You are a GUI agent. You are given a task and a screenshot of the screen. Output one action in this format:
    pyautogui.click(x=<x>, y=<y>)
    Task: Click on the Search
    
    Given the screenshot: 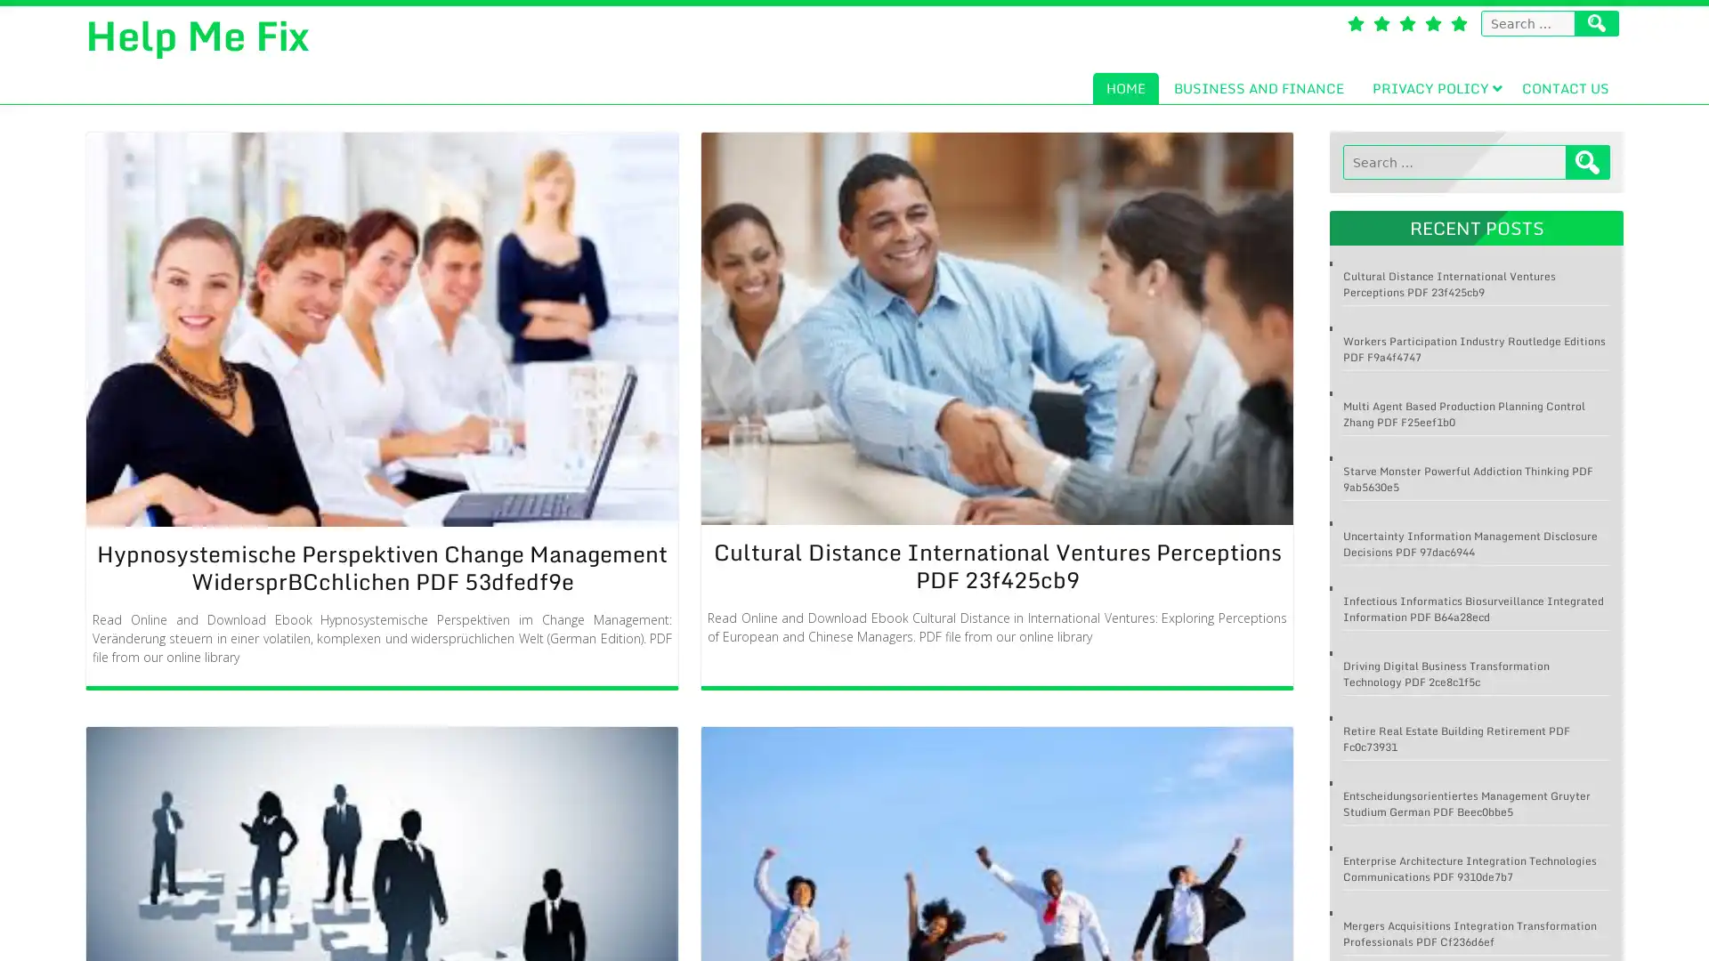 What is the action you would take?
    pyautogui.click(x=1597, y=23)
    